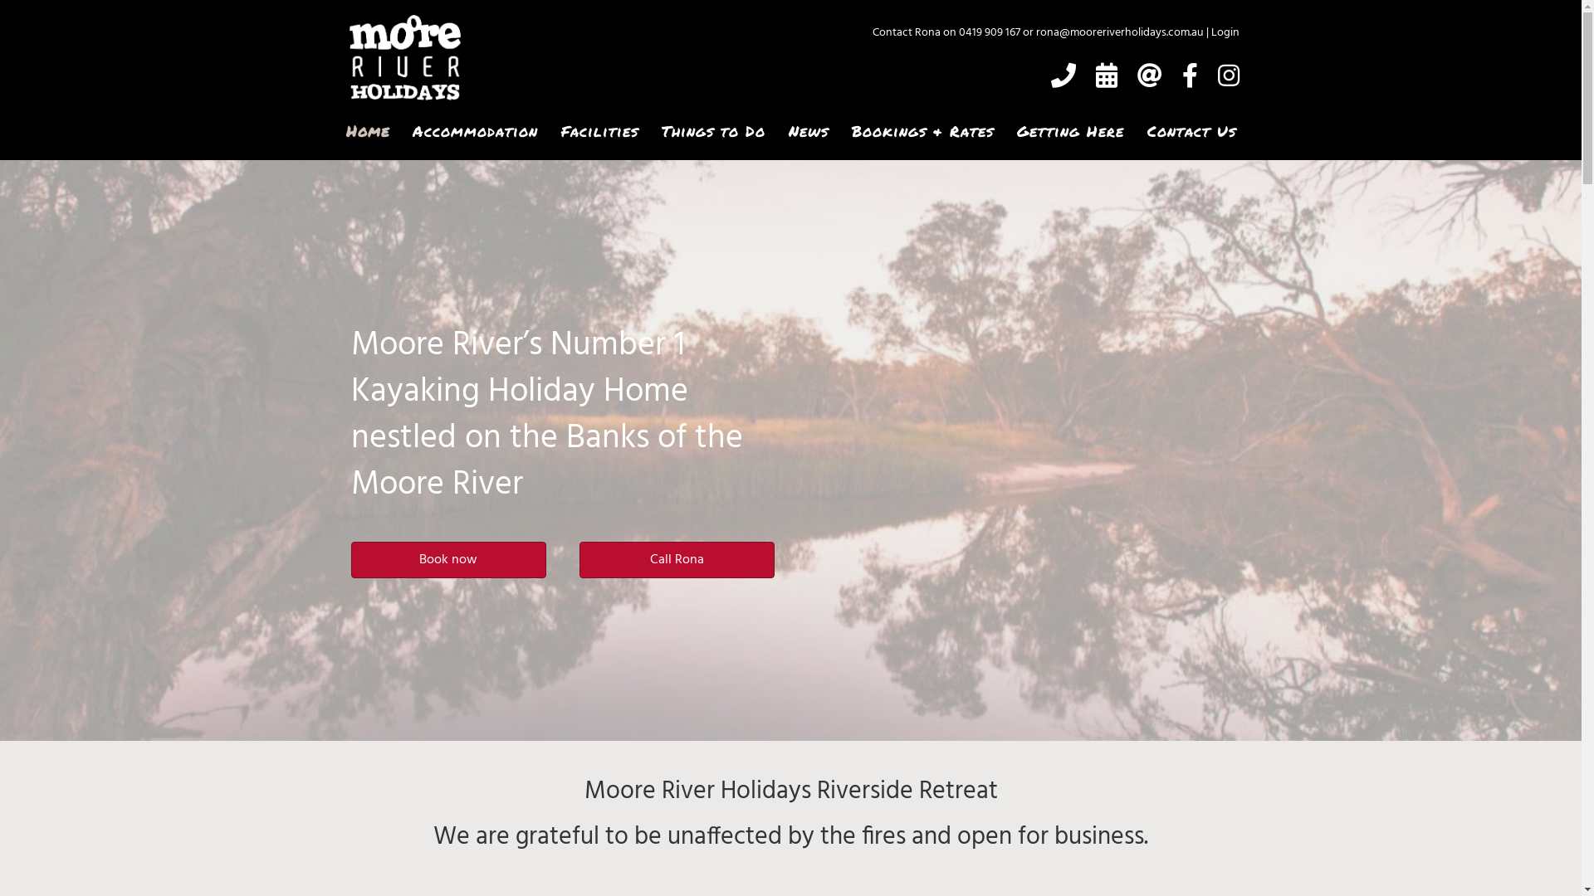 This screenshot has height=896, width=1594. Describe the element at coordinates (403, 56) in the screenshot. I see `'Moore River Holidays - Logo Type - White'` at that location.